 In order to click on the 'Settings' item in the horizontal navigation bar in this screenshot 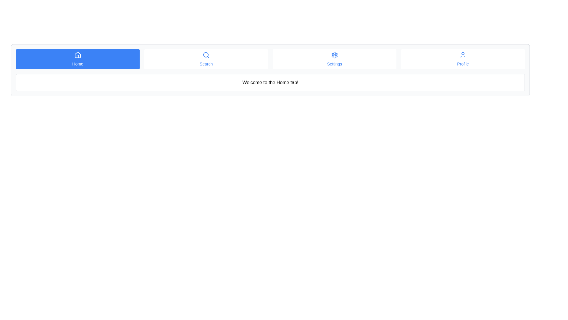, I will do `click(270, 59)`.